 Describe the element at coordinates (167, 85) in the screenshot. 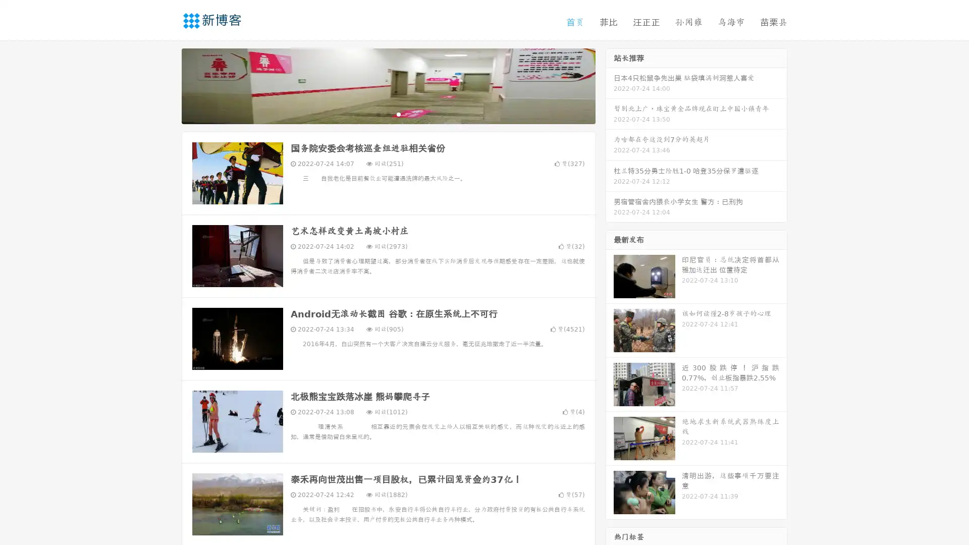

I see `Previous slide` at that location.